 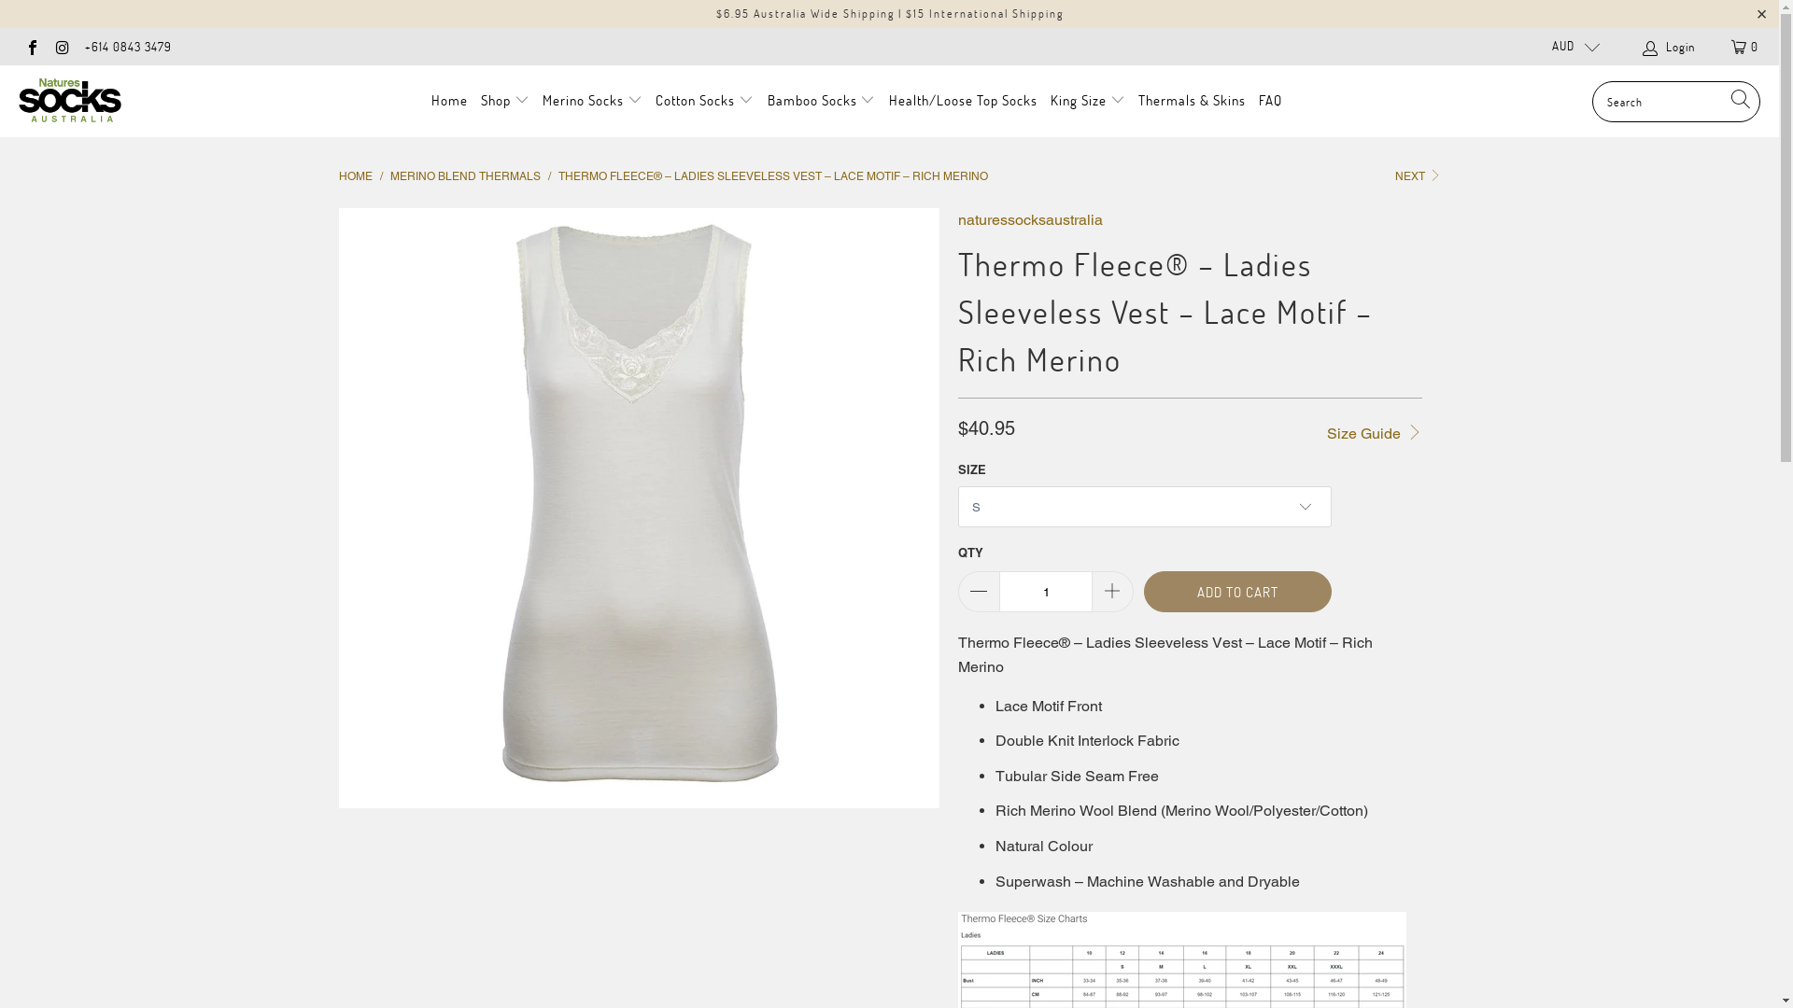 I want to click on 'HOME', so click(x=354, y=176).